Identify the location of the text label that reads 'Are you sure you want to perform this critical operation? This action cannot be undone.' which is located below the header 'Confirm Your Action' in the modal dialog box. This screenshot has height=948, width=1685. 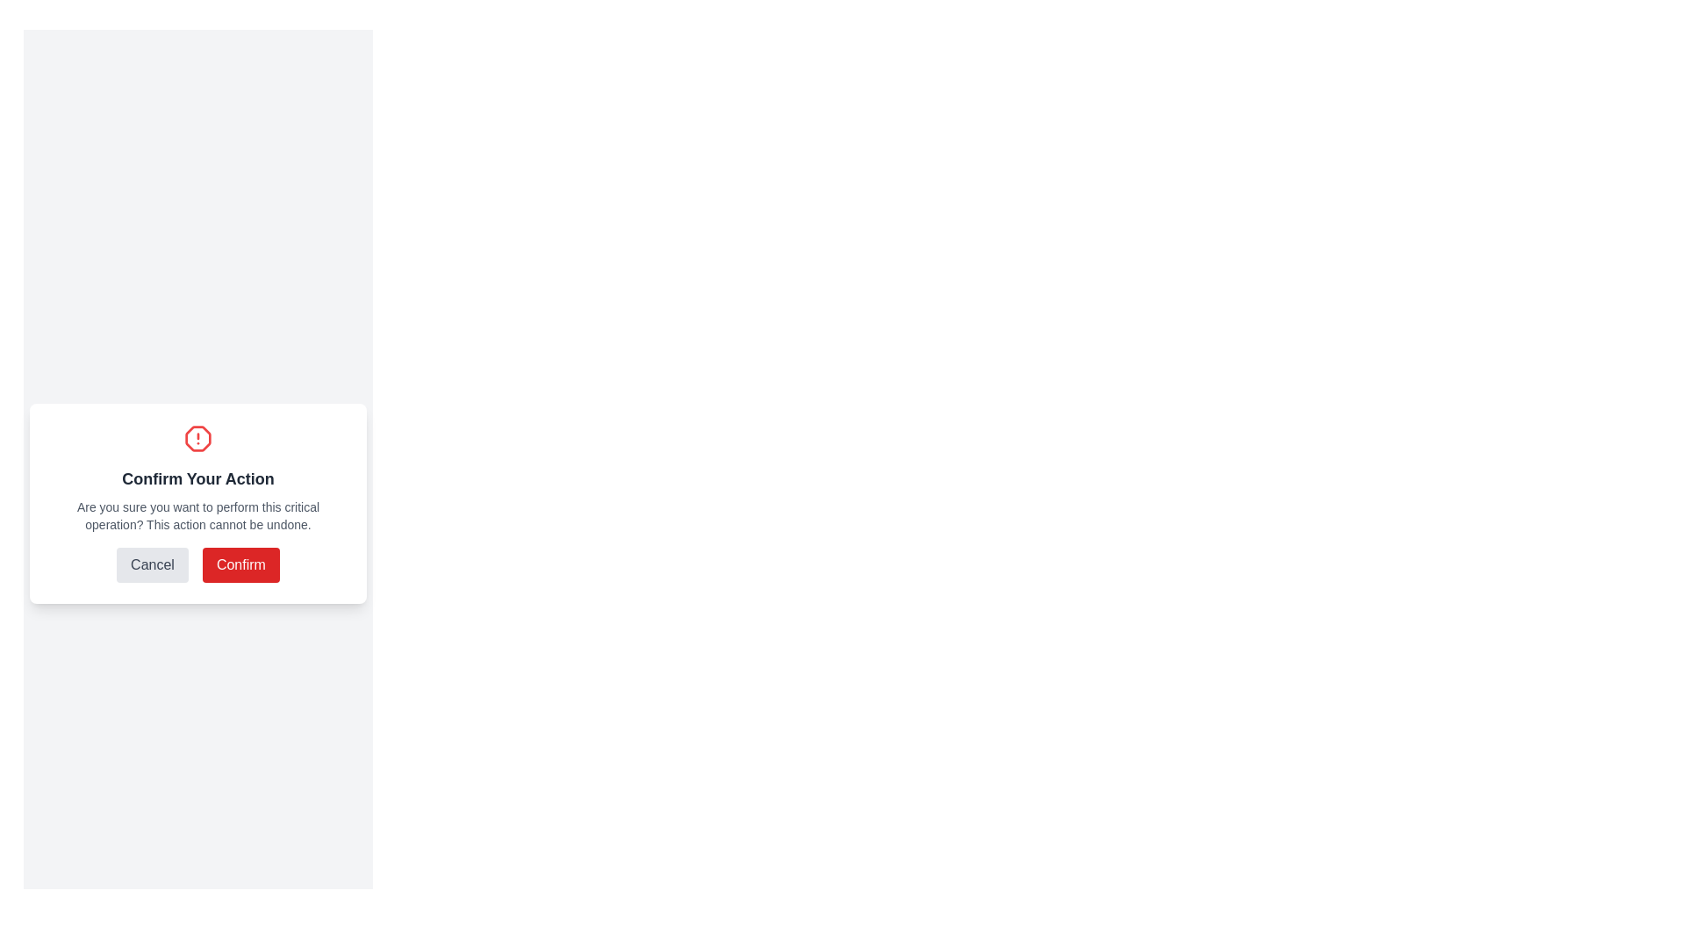
(197, 514).